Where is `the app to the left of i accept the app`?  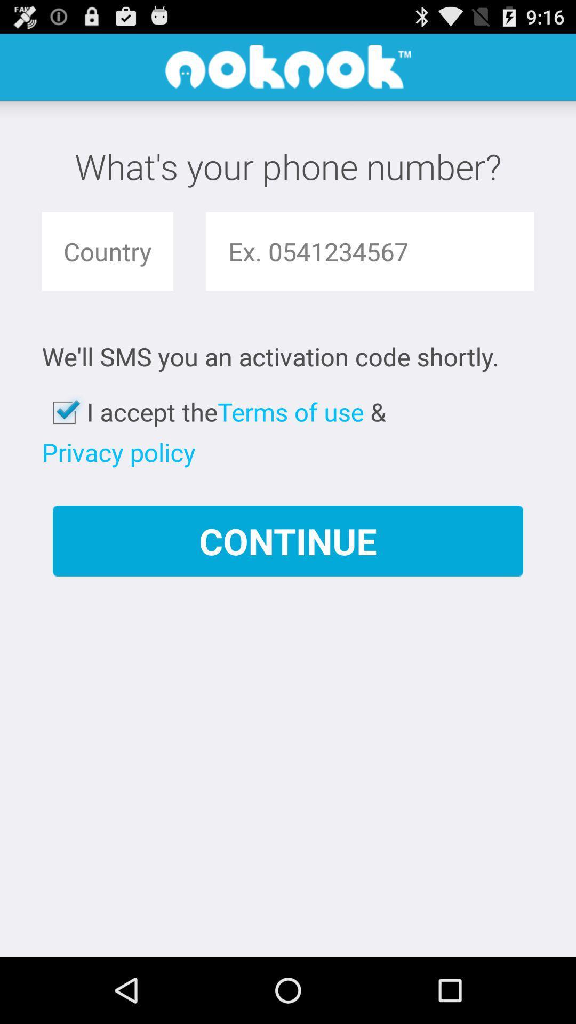
the app to the left of i accept the app is located at coordinates (64, 412).